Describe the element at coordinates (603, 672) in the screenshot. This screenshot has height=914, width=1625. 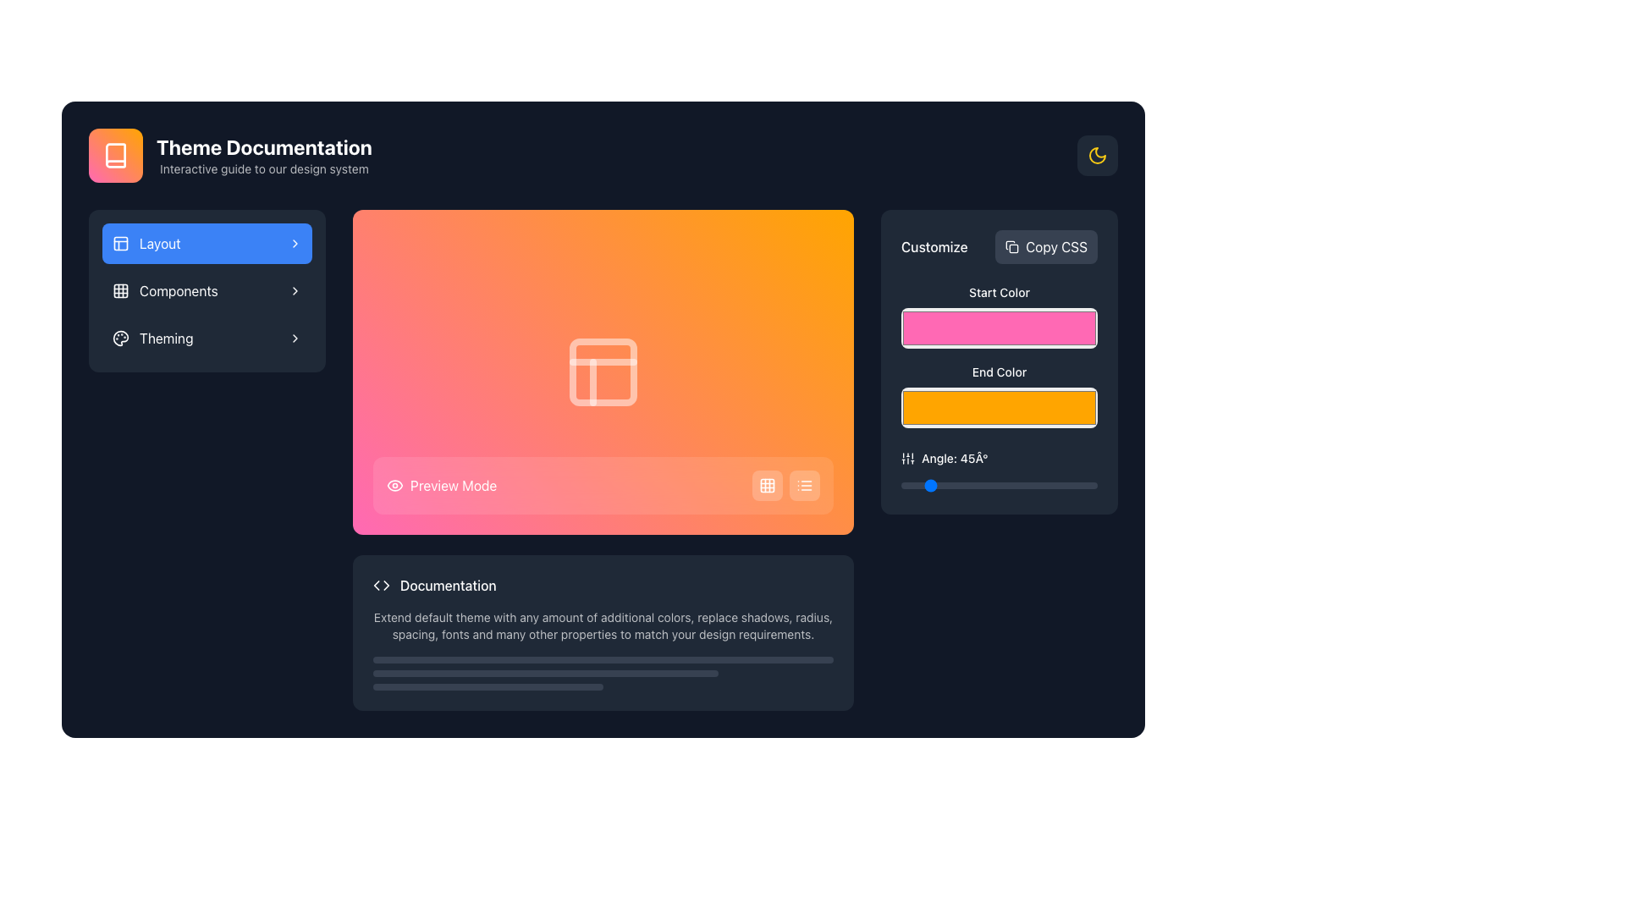
I see `the progress levels visually by interacting with the stacked progress bar group located near the bottom of the 'Documentation' section, centered horizontally` at that location.